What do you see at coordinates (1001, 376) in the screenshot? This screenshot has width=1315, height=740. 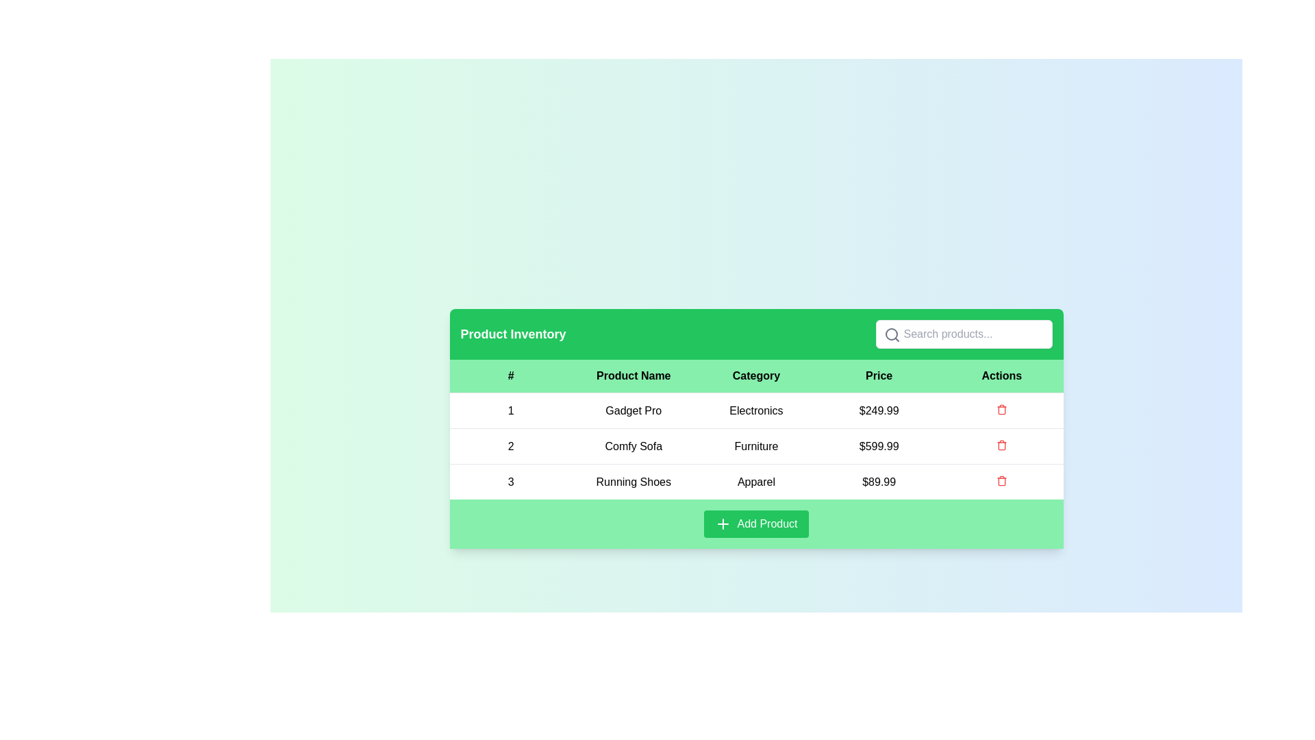 I see `the Table Header Cell labeled 'Actions' with a light green background and black bold text` at bounding box center [1001, 376].